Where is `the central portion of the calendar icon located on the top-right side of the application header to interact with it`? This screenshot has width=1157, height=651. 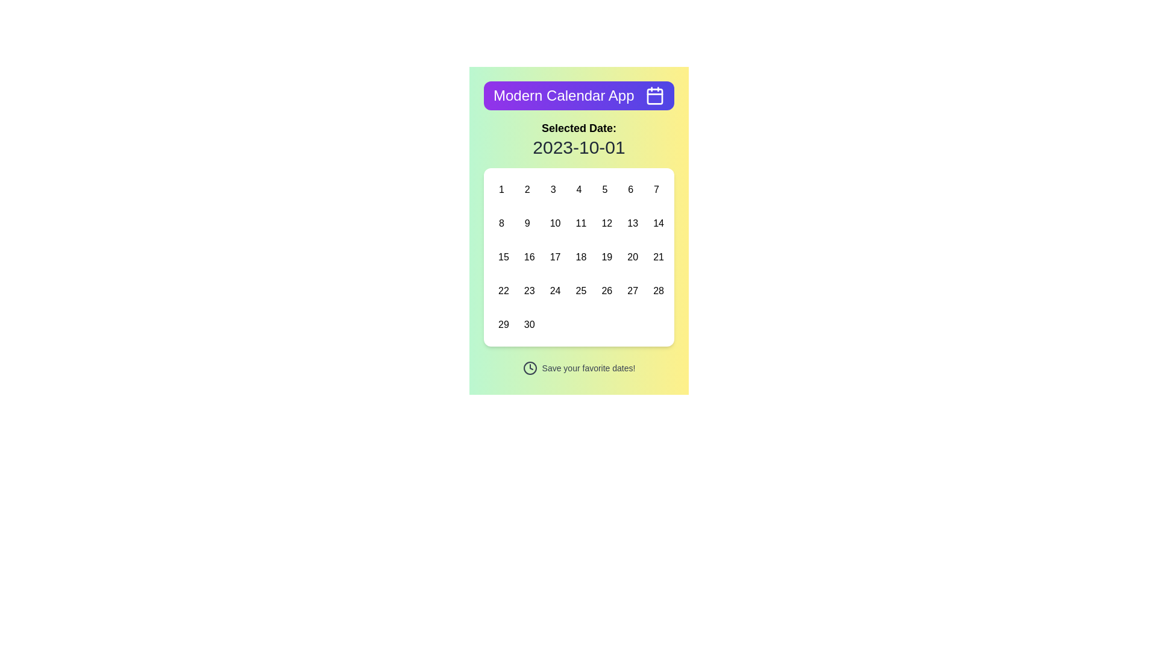 the central portion of the calendar icon located on the top-right side of the application header to interact with it is located at coordinates (654, 95).